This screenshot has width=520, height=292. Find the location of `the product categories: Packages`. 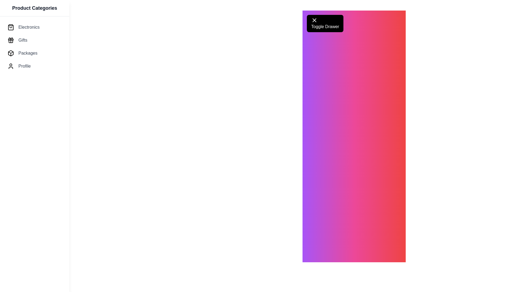

the product categories: Packages is located at coordinates (34, 53).